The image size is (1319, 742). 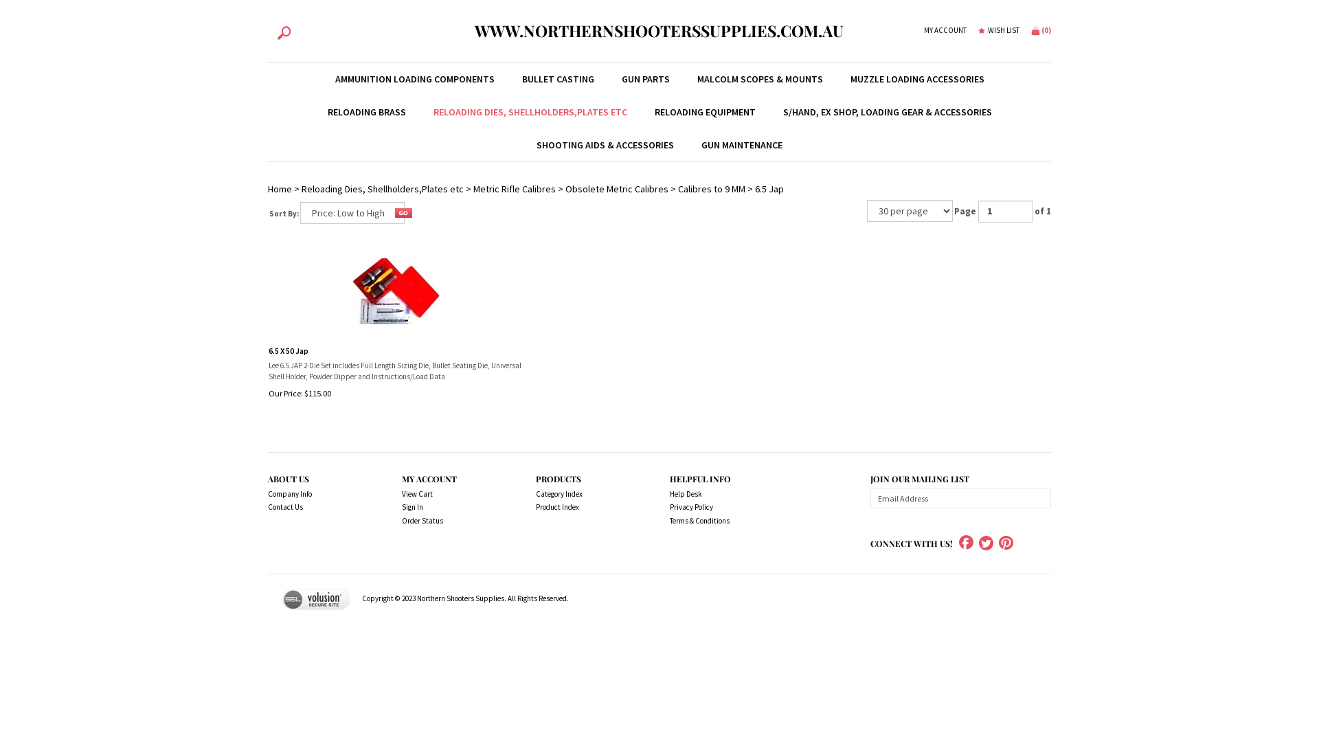 What do you see at coordinates (453, 508) in the screenshot?
I see `'Sign In'` at bounding box center [453, 508].